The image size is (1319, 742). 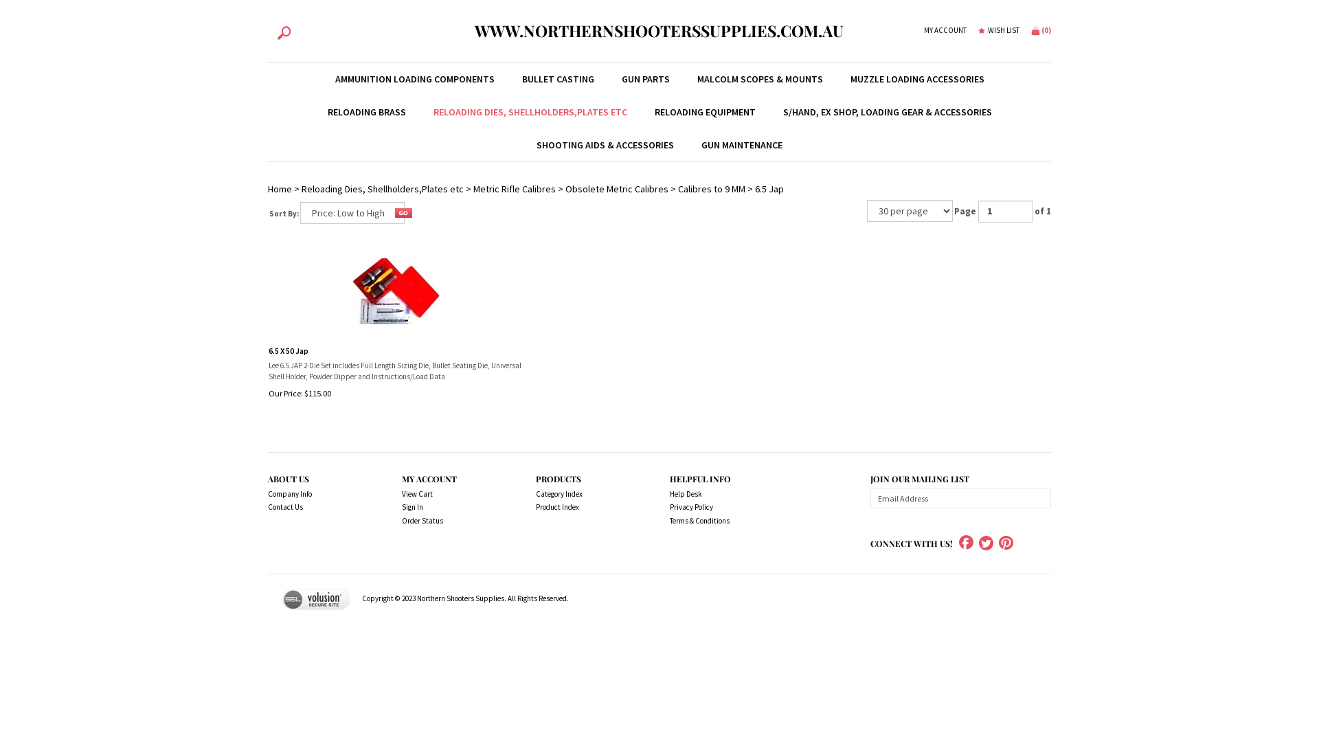 What do you see at coordinates (453, 508) in the screenshot?
I see `'Sign In'` at bounding box center [453, 508].